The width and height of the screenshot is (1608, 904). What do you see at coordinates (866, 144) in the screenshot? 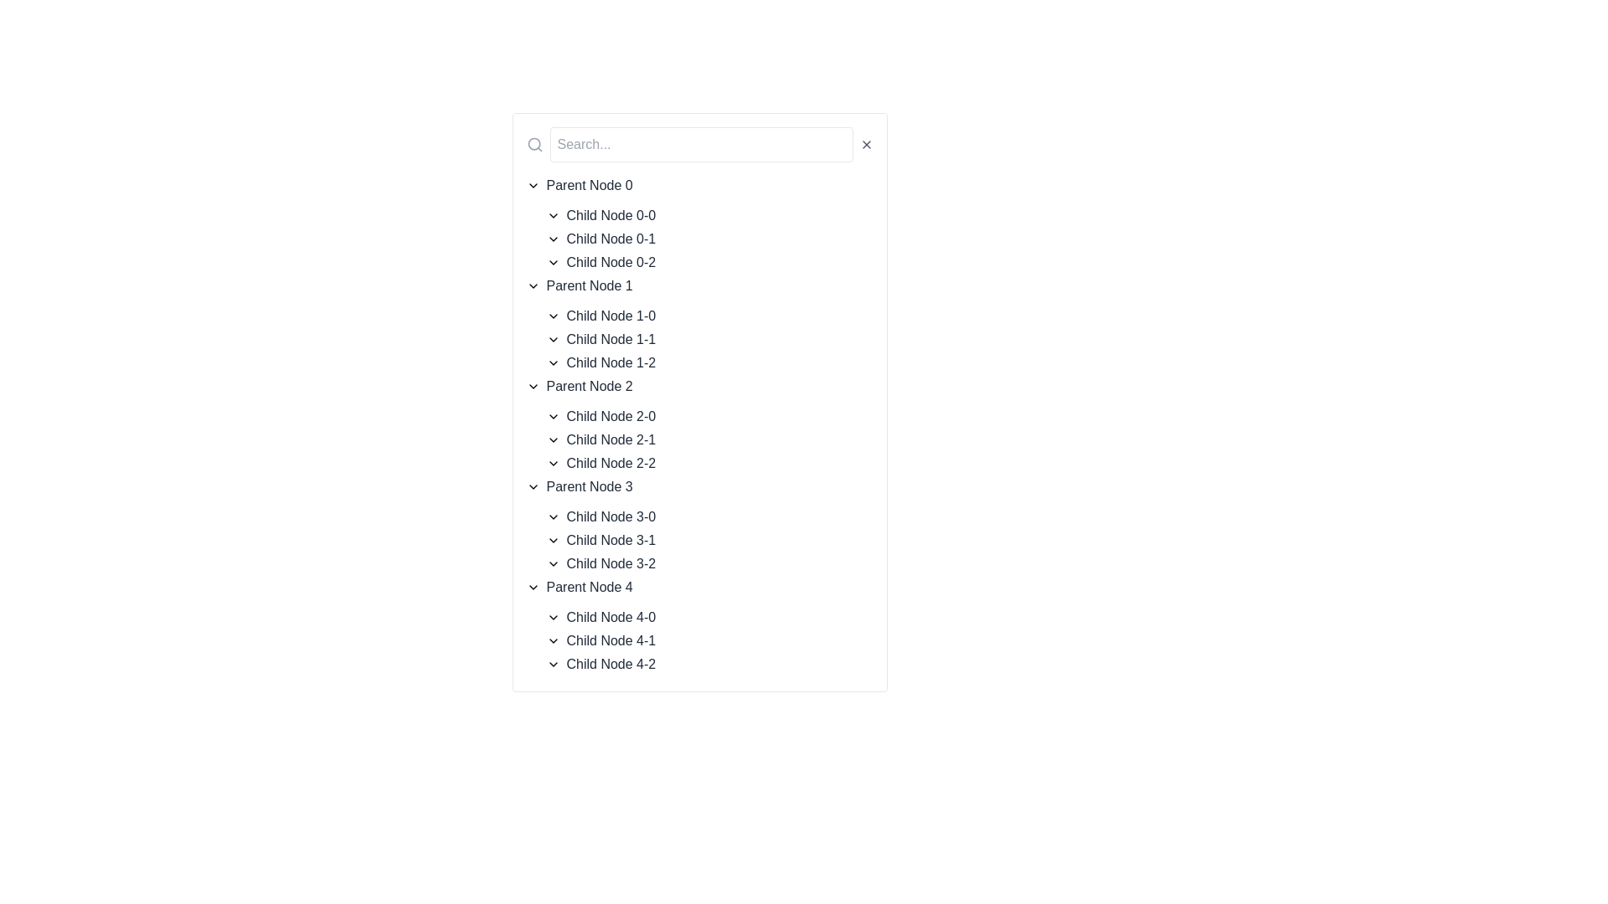
I see `the Close or clear icon button located at the far right of the search input field to clear the input text` at bounding box center [866, 144].